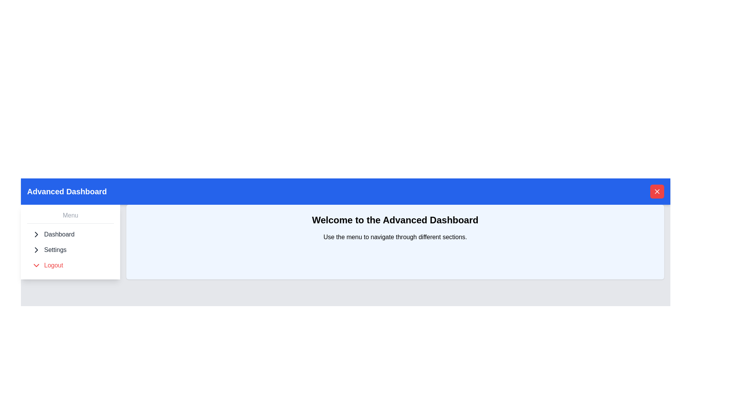  Describe the element at coordinates (71, 265) in the screenshot. I see `the 'Logout' button in the left sidebar menu` at that location.